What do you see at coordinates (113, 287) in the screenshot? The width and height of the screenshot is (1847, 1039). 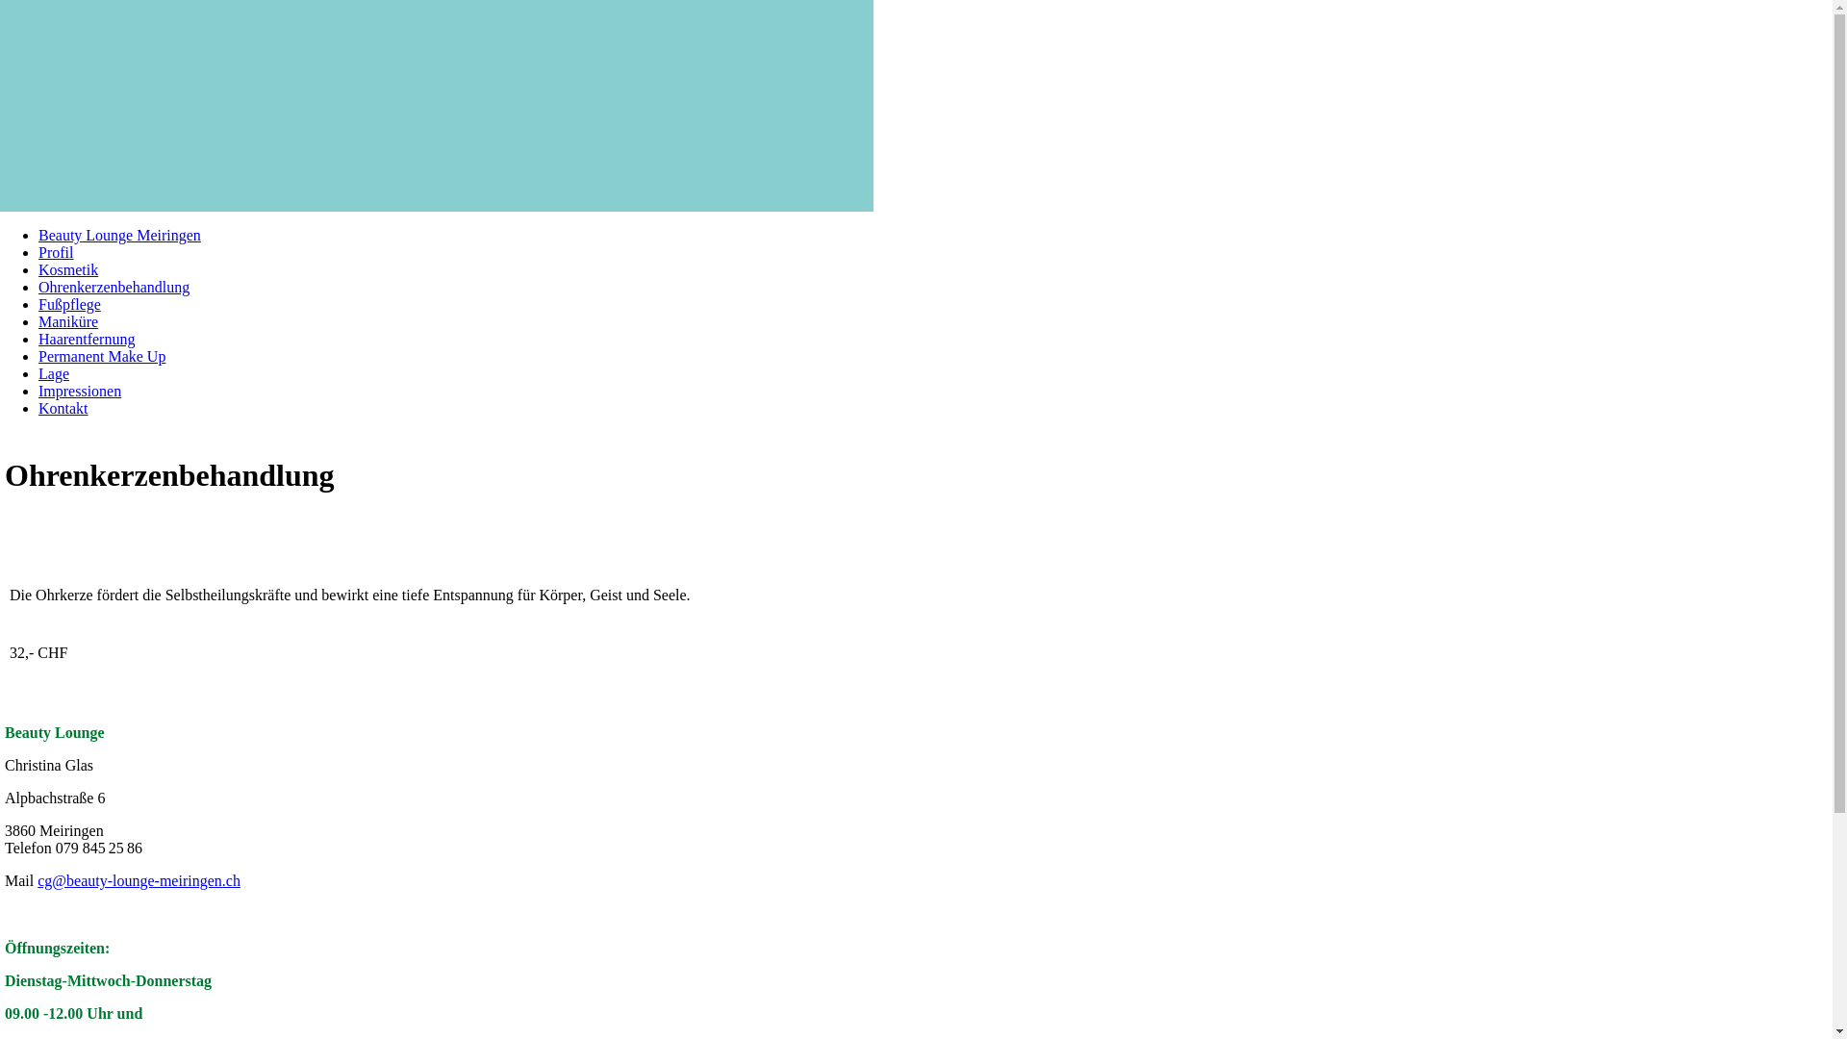 I see `'Ohrenkerzenbehandlung'` at bounding box center [113, 287].